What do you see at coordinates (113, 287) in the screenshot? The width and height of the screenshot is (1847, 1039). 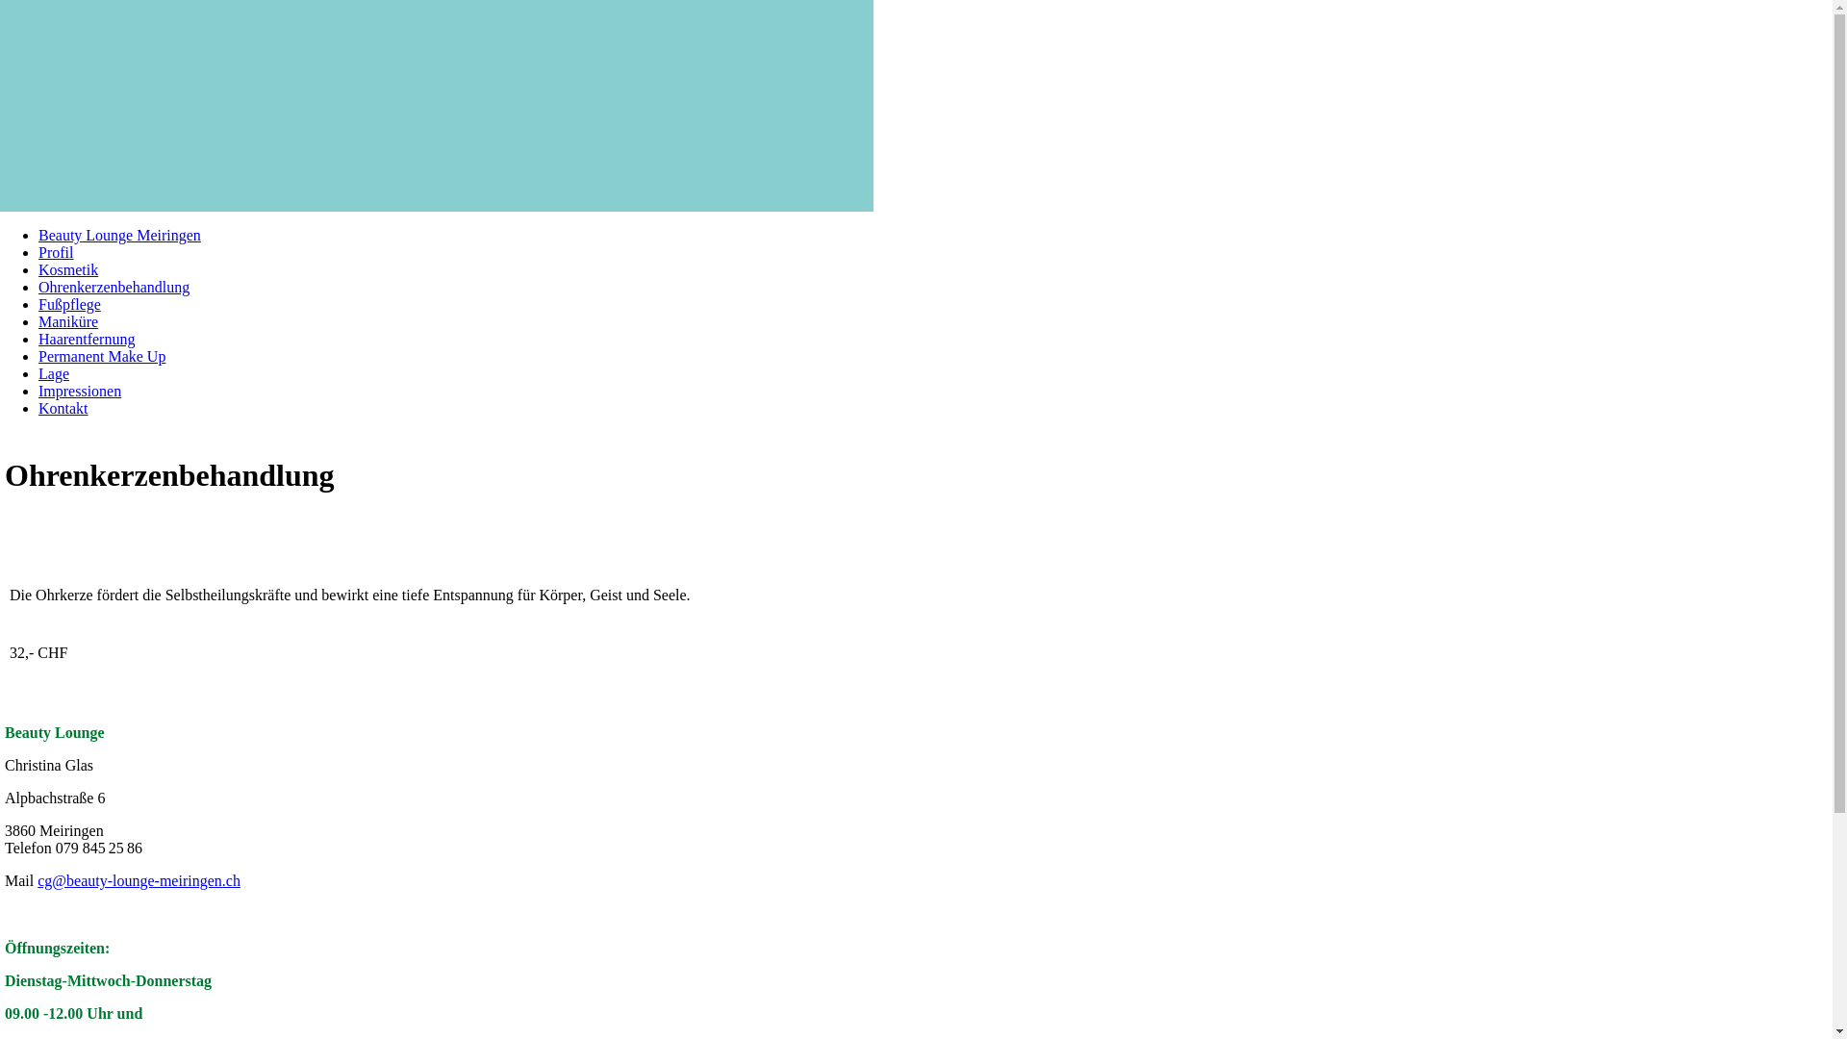 I see `'Ohrenkerzenbehandlung'` at bounding box center [113, 287].